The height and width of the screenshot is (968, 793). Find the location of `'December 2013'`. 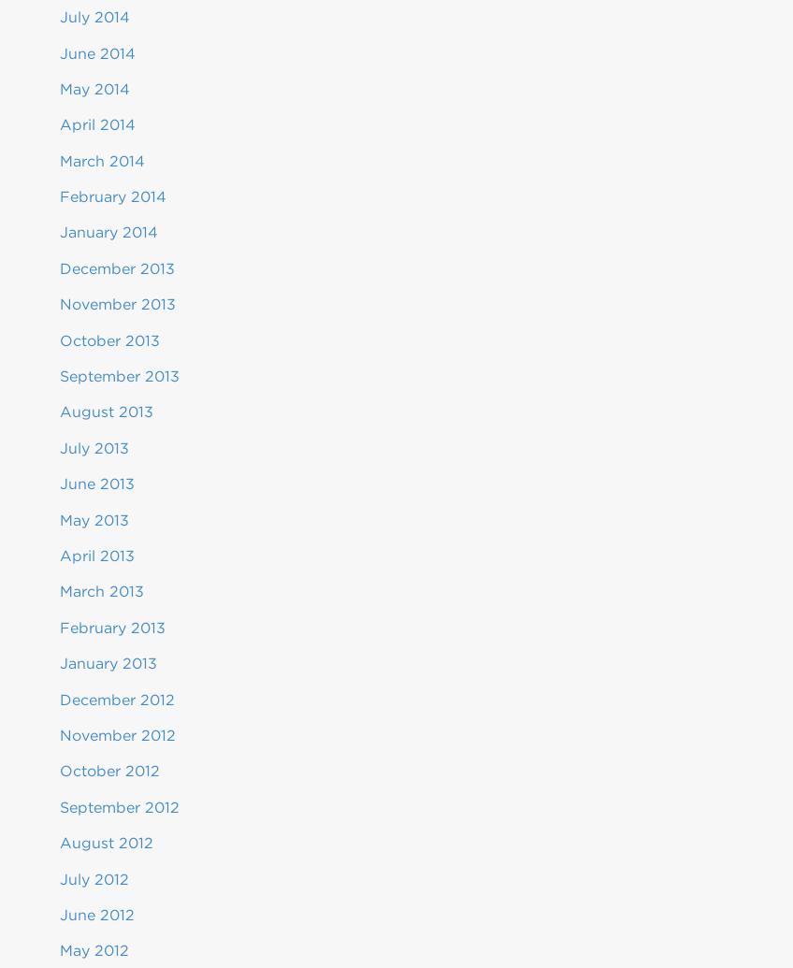

'December 2013' is located at coordinates (60, 267).